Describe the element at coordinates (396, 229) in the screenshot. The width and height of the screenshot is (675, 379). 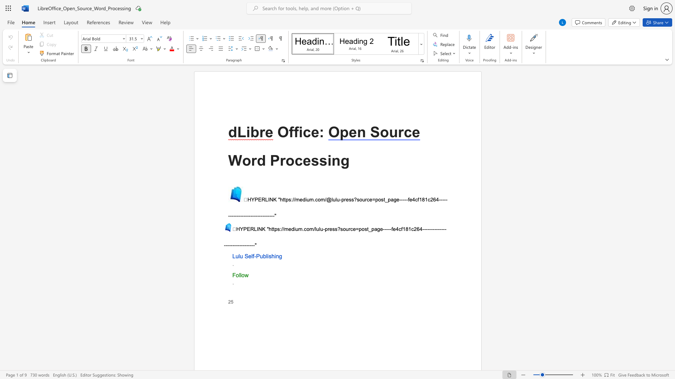
I see `the space between the continuous character "e" and "4" in the text` at that location.